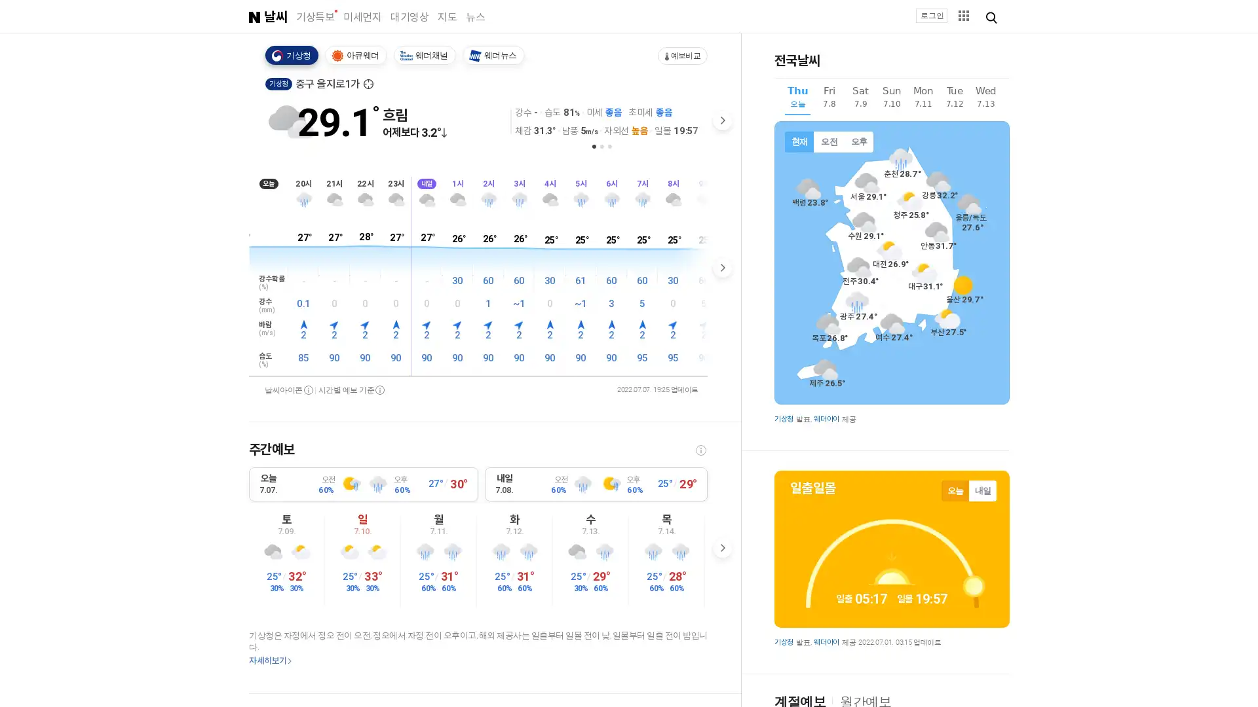 The width and height of the screenshot is (1258, 707). I want to click on Fri 7.8, so click(828, 98).